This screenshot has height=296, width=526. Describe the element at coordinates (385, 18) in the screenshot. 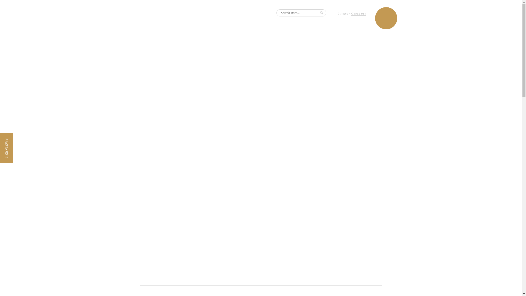

I see `'View Cart'` at that location.